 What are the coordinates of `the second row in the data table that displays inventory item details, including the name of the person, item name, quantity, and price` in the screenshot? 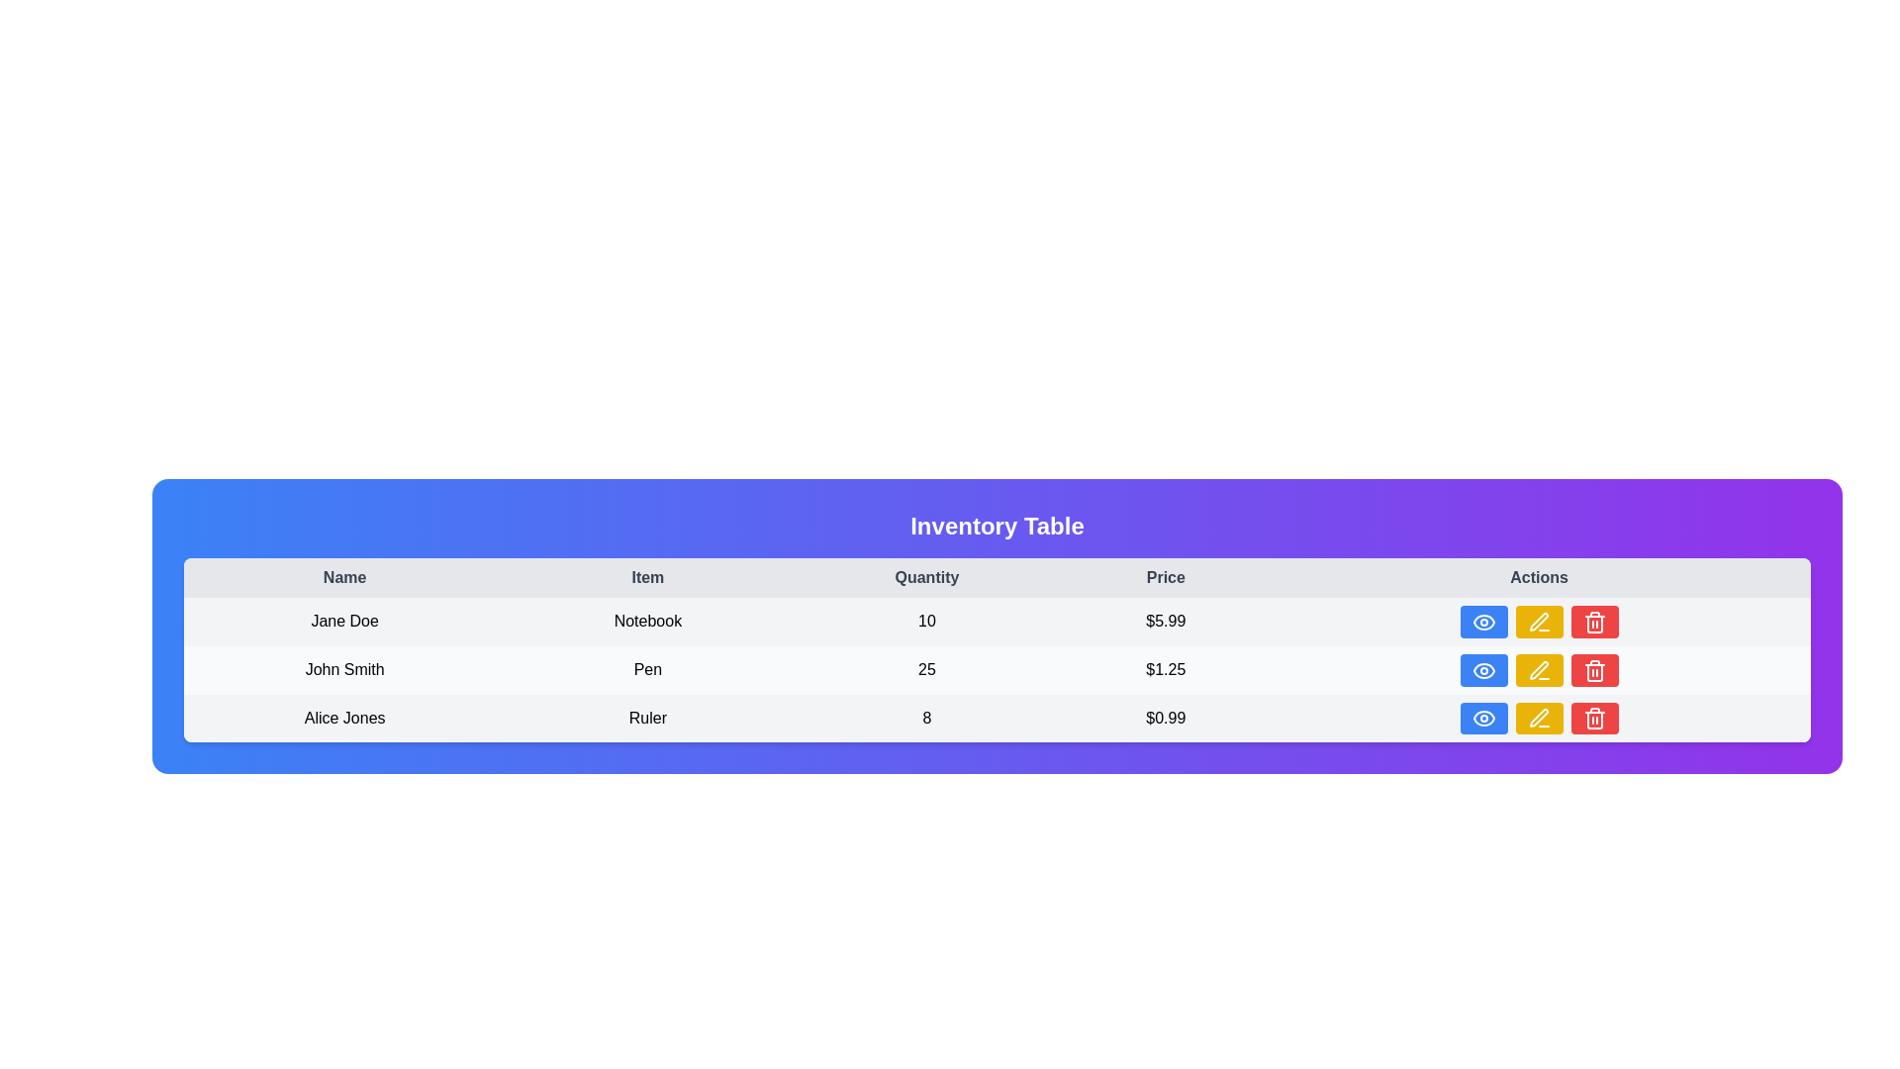 It's located at (997, 669).